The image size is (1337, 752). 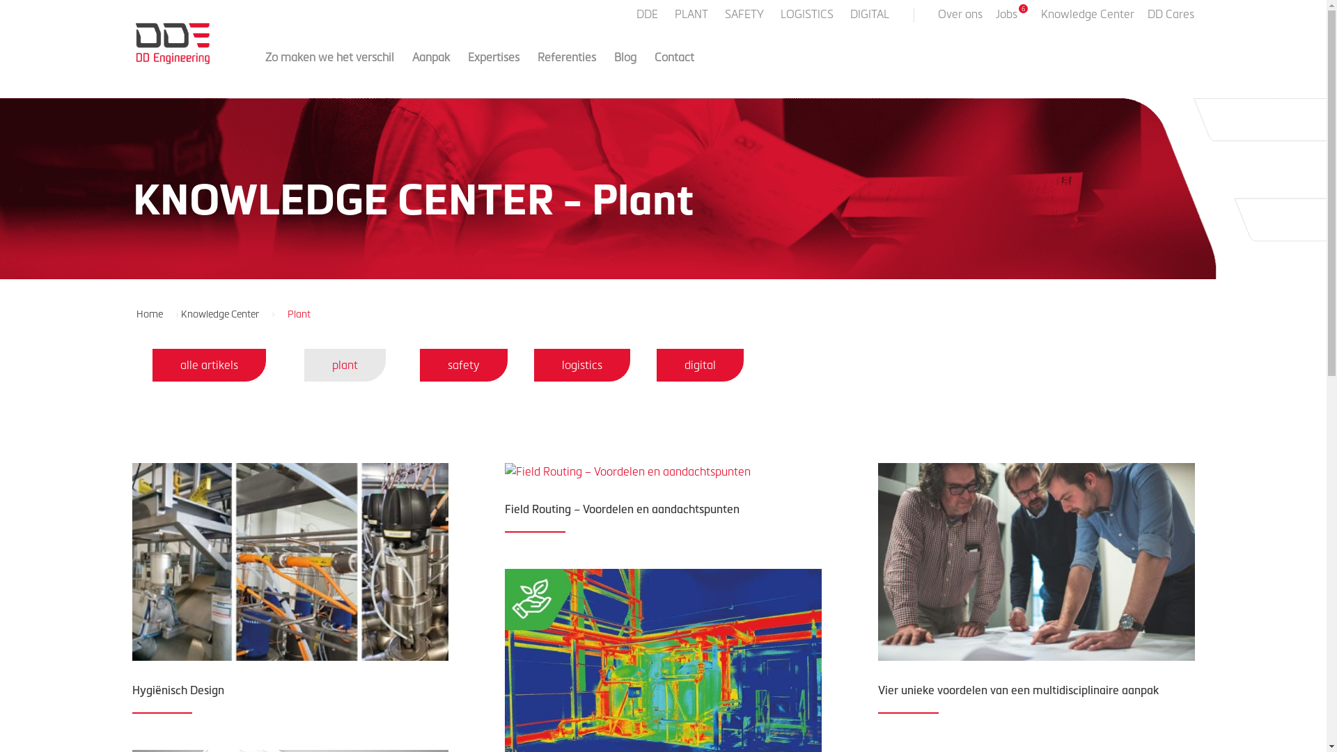 What do you see at coordinates (225, 313) in the screenshot?
I see `'Knowledge Center'` at bounding box center [225, 313].